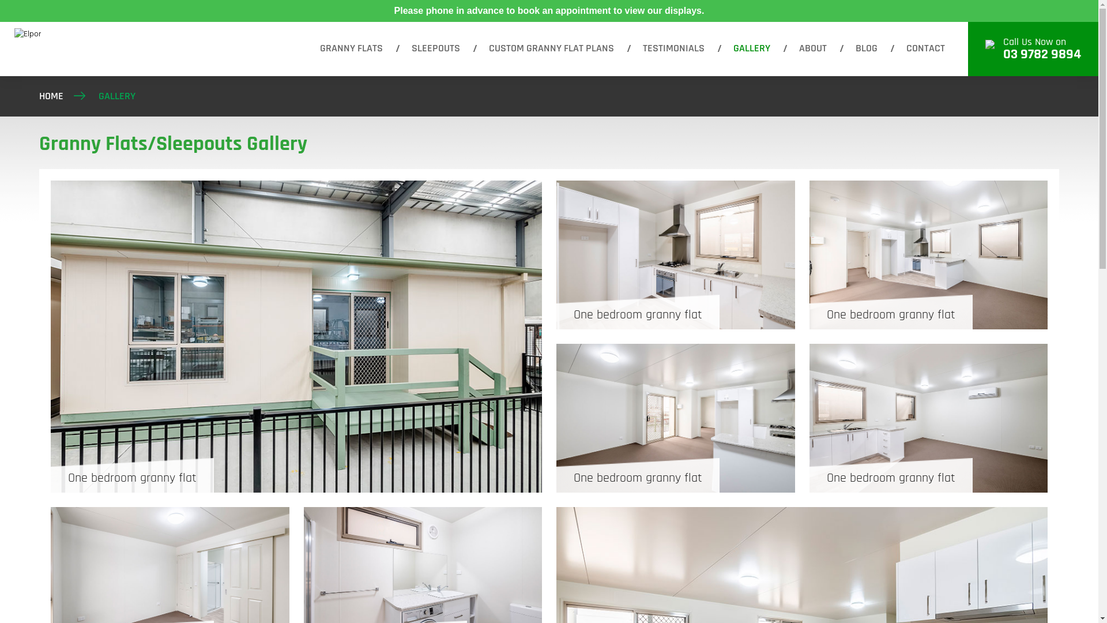  I want to click on 'GALLERY', so click(752, 48).